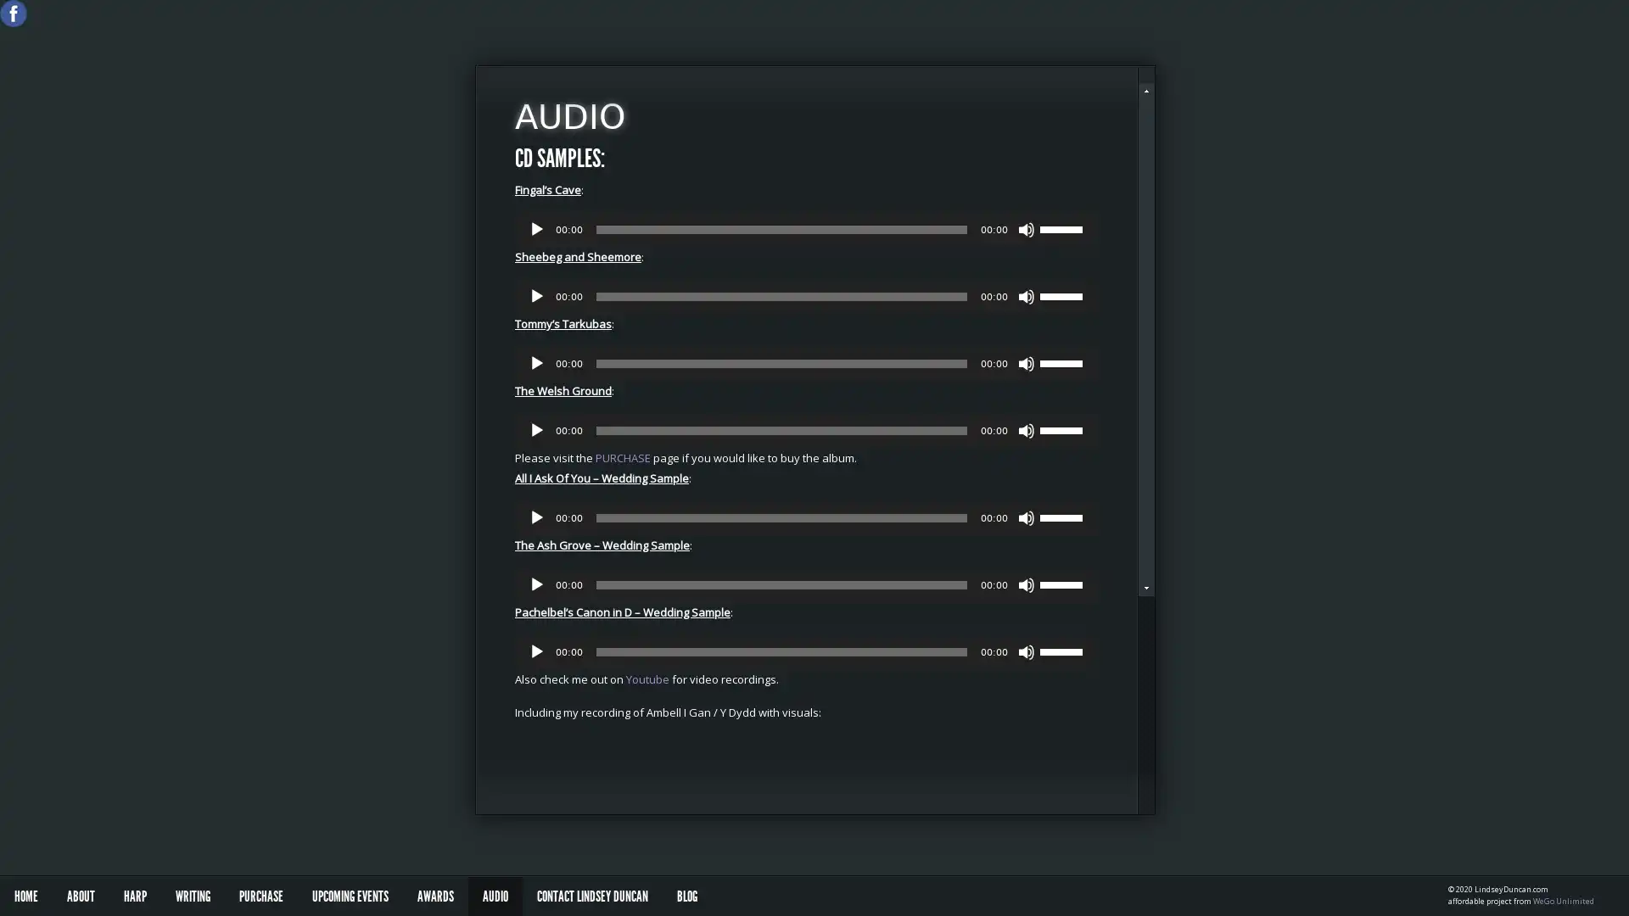  Describe the element at coordinates (1025, 229) in the screenshot. I see `Mute` at that location.